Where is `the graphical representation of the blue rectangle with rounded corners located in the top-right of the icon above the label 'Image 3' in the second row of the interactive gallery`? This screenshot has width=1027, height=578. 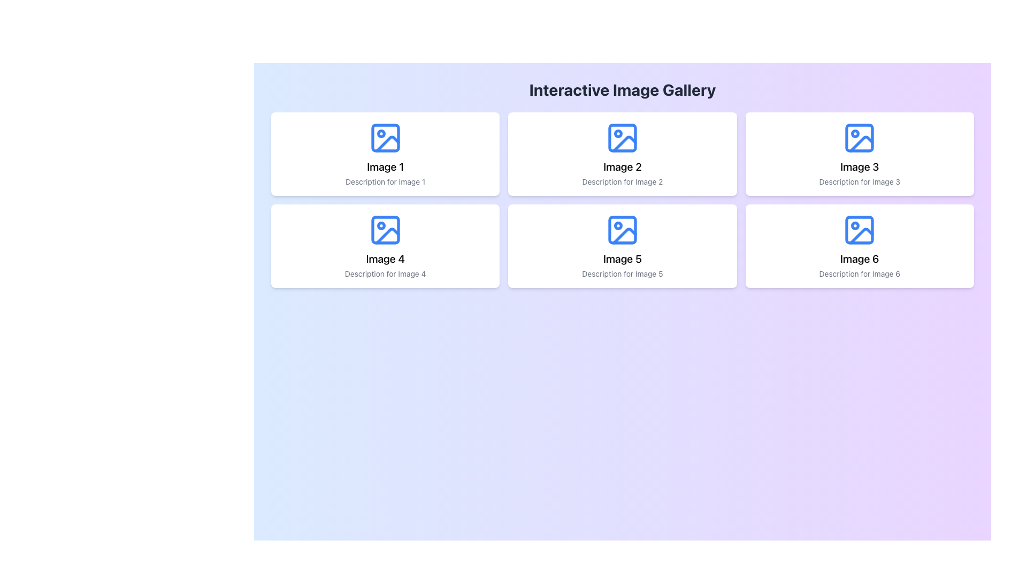 the graphical representation of the blue rectangle with rounded corners located in the top-right of the icon above the label 'Image 3' in the second row of the interactive gallery is located at coordinates (860, 138).